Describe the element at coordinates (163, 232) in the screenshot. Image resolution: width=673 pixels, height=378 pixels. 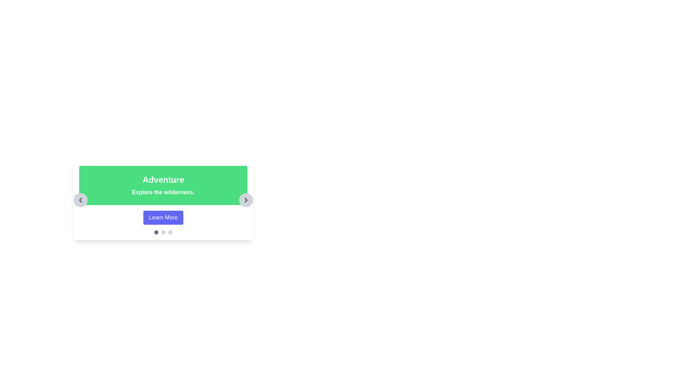
I see `the central page indicator (dot-style) located beneath the 'Learn More' button` at that location.